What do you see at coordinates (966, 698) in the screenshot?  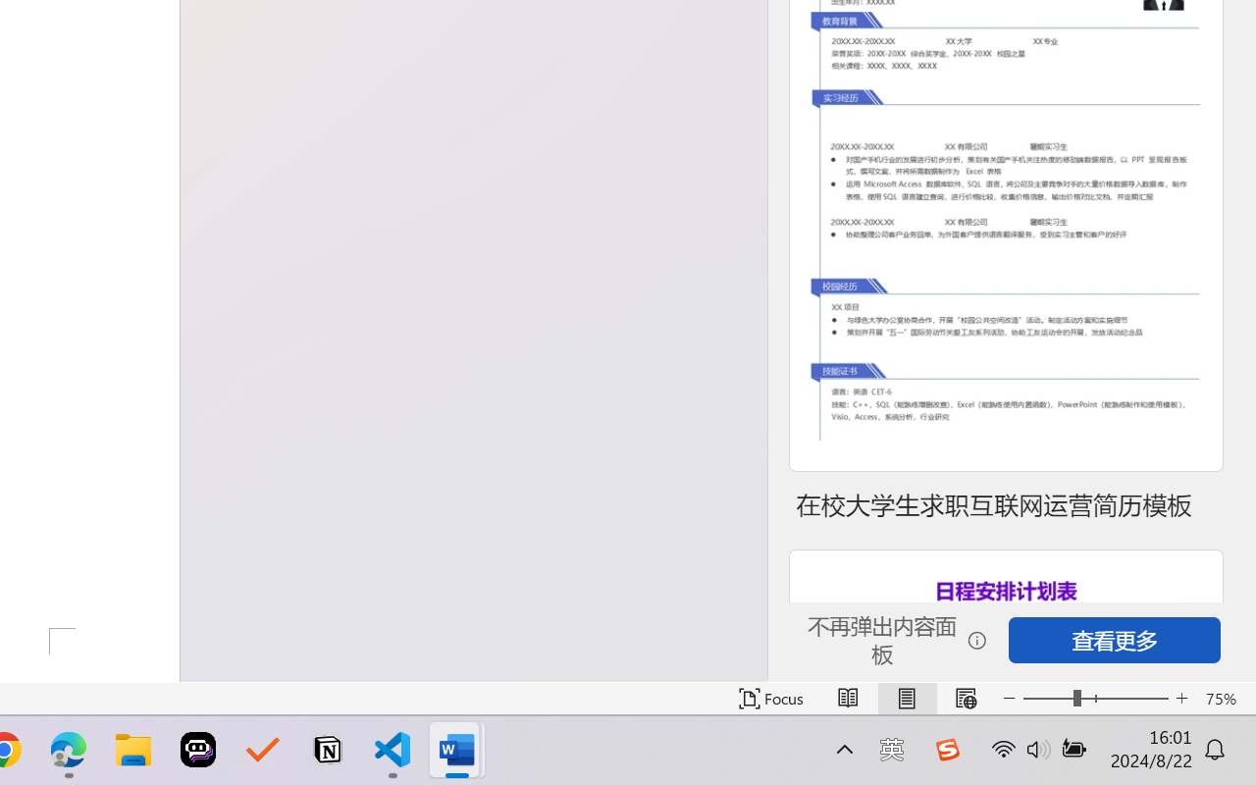 I see `'Web Layout'` at bounding box center [966, 698].